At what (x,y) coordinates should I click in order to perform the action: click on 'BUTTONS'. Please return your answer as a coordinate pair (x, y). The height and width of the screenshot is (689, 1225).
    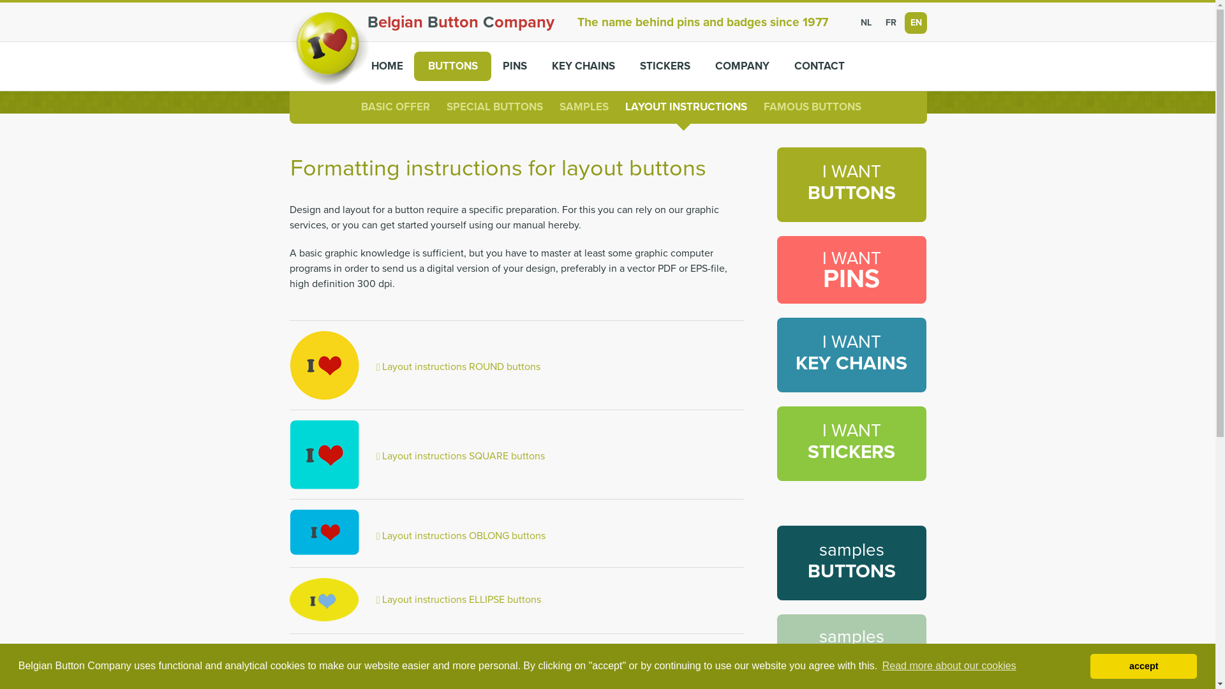
    Looking at the image, I should click on (413, 66).